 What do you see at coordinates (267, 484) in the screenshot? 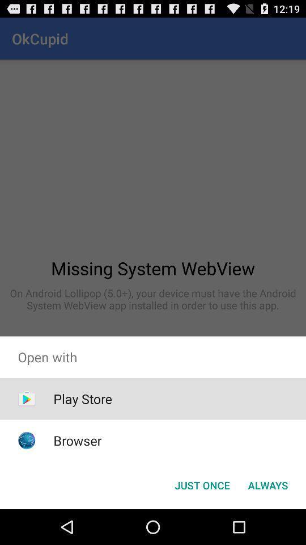
I see `the item next to just once icon` at bounding box center [267, 484].